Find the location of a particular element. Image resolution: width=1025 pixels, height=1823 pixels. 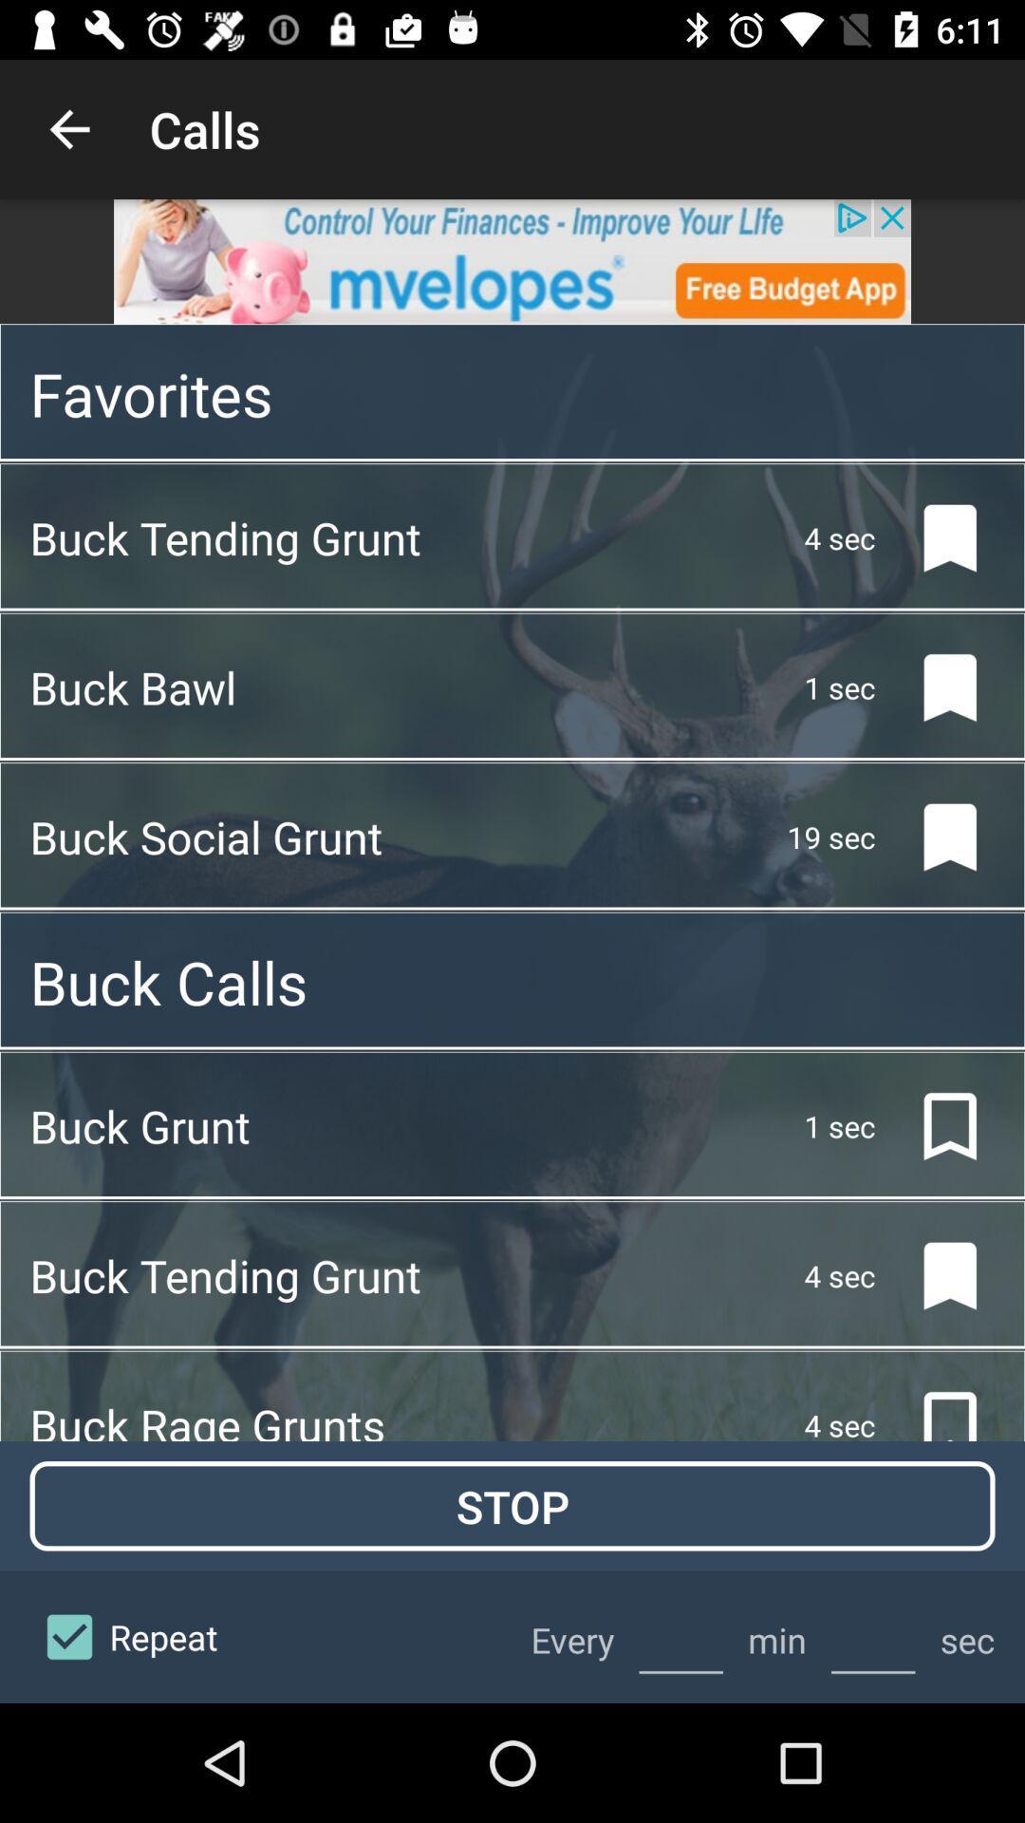

minute is located at coordinates (680, 1636).